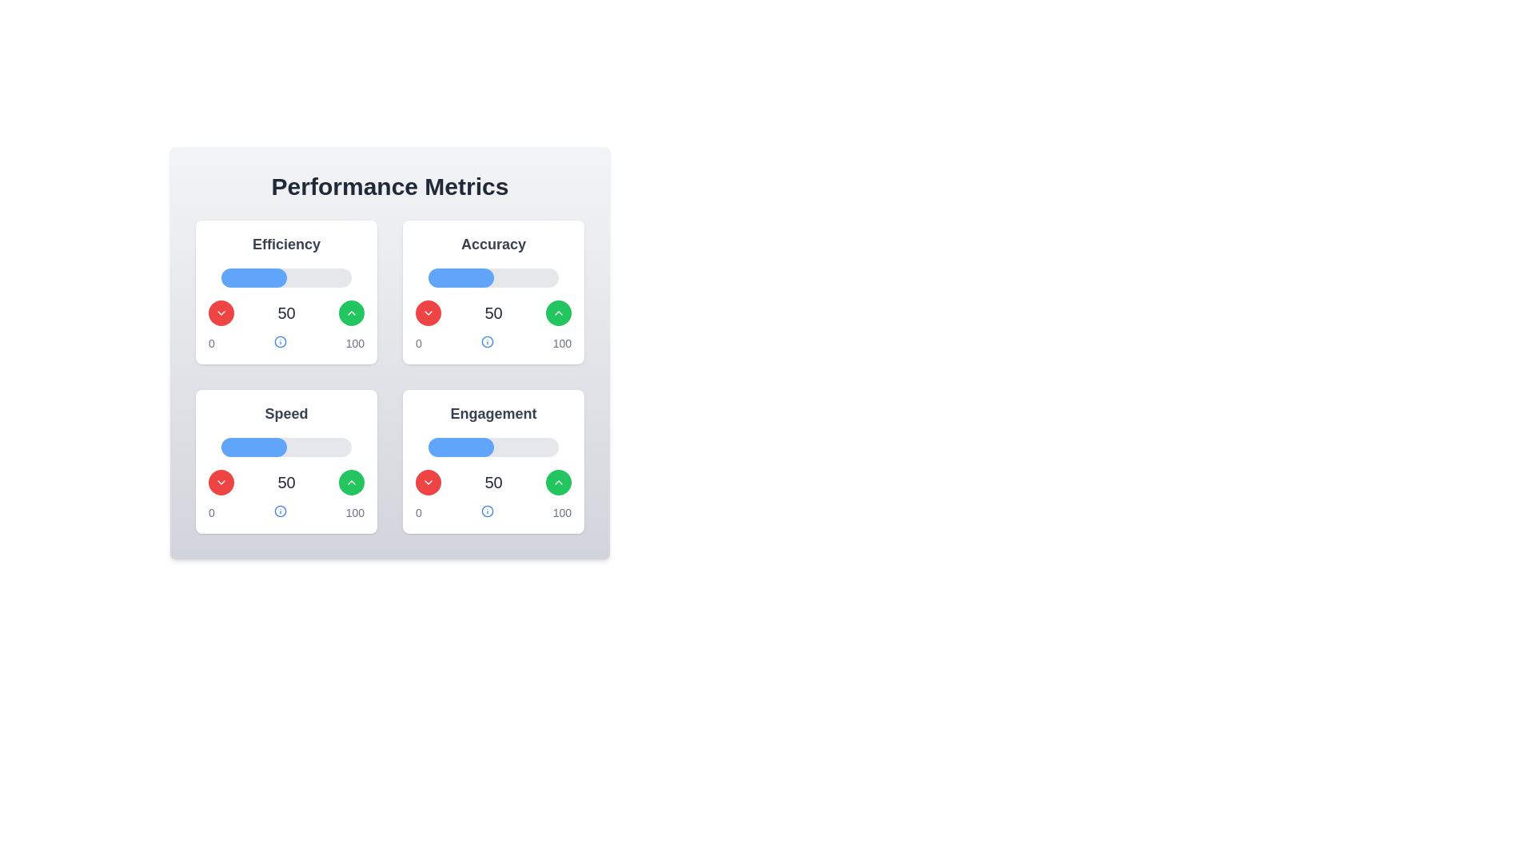 This screenshot has width=1535, height=863. Describe the element at coordinates (351, 482) in the screenshot. I see `the upward-pointing chevron icon within the green circular button located at the bottom-right corner of the 'Engagement' metric card` at that location.